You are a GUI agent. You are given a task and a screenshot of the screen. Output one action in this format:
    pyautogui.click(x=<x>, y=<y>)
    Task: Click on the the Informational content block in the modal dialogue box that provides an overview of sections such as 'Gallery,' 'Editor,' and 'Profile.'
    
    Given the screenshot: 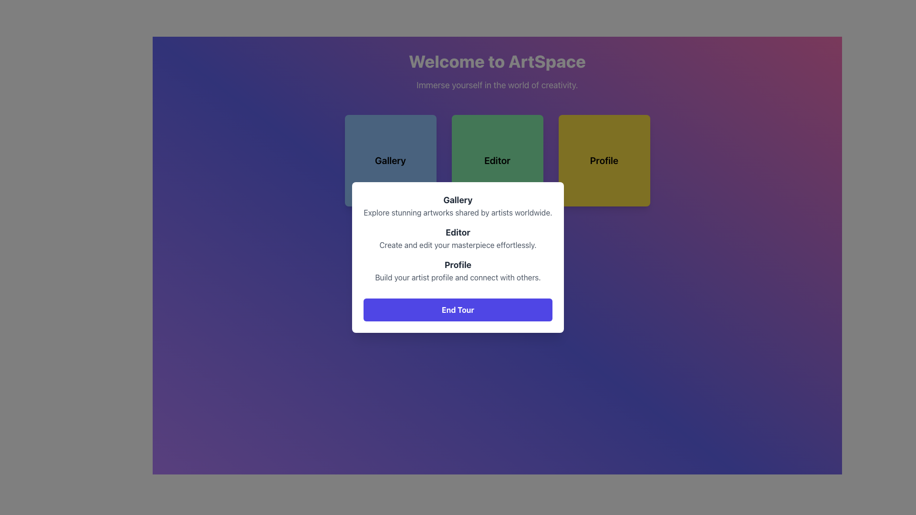 What is the action you would take?
    pyautogui.click(x=458, y=257)
    